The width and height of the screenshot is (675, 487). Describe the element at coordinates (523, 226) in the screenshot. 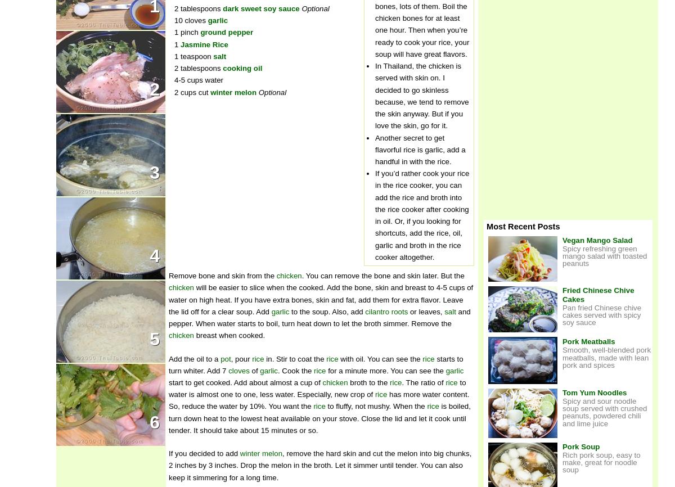

I see `'Most Recent Posts'` at that location.